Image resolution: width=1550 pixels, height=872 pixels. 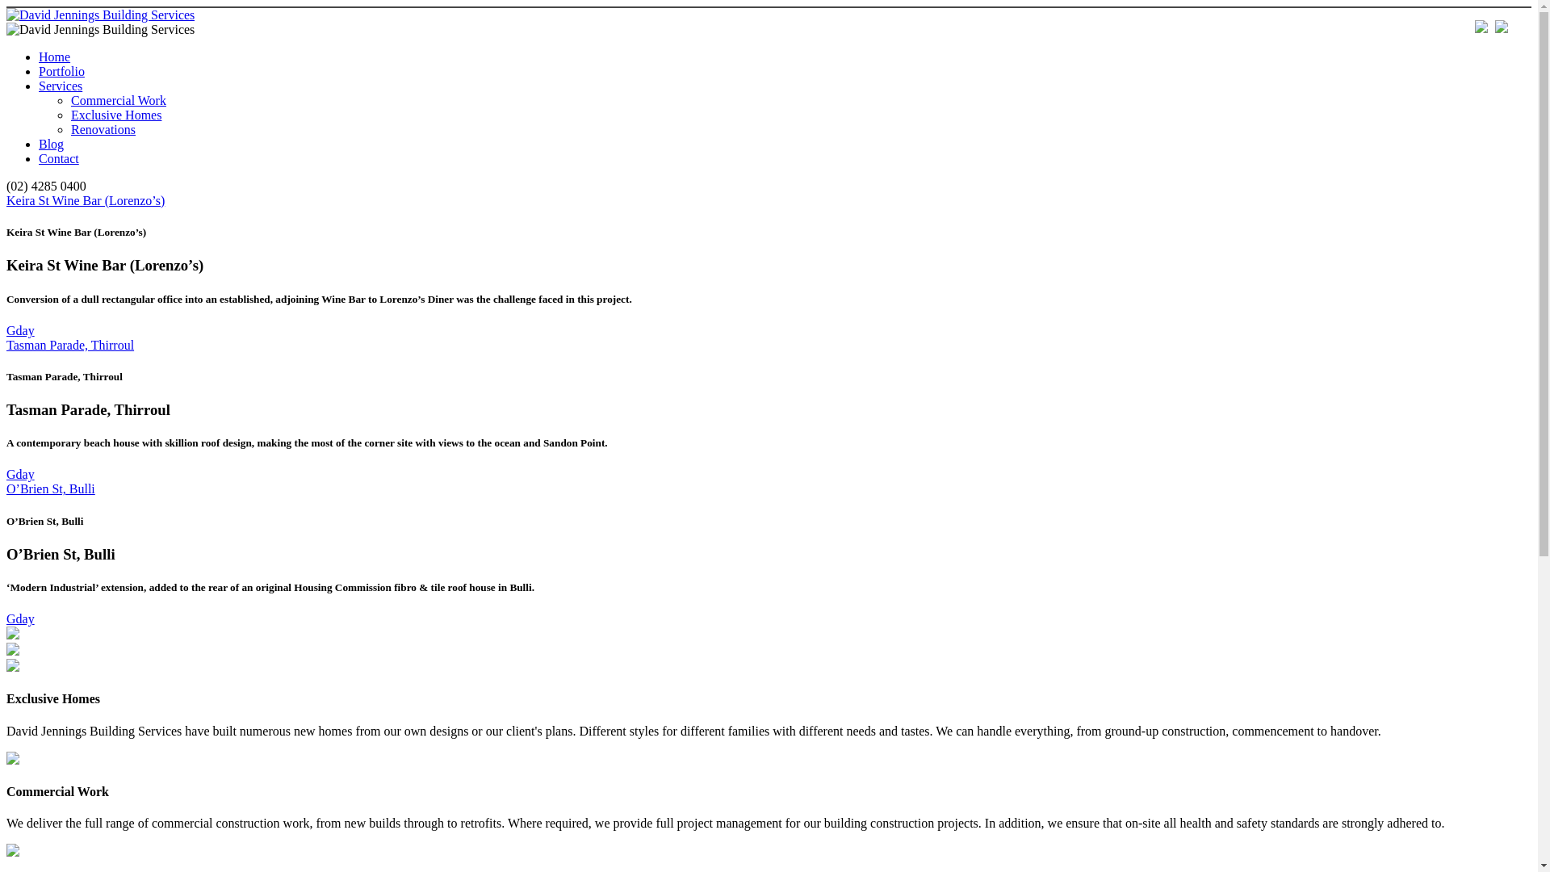 I want to click on 'Renovations', so click(x=103, y=128).